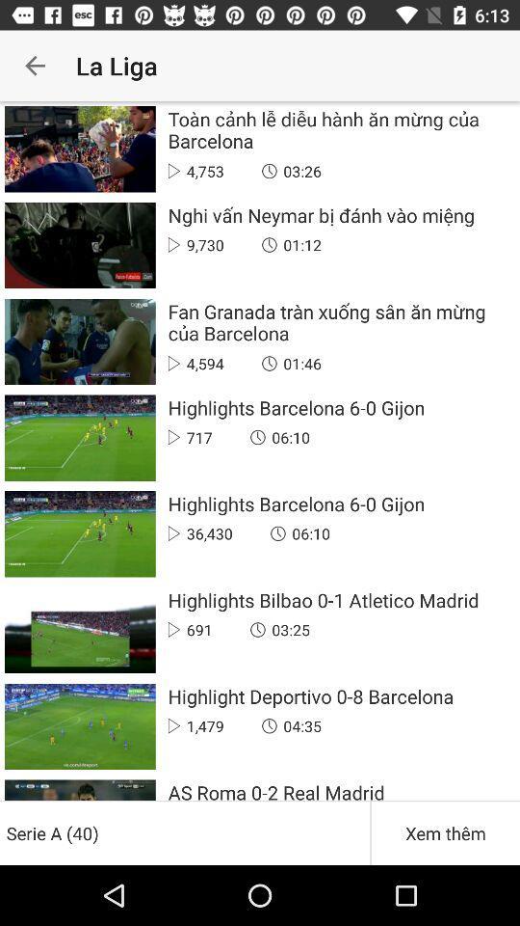 This screenshot has height=926, width=520. What do you see at coordinates (185, 832) in the screenshot?
I see `serie a (40) item` at bounding box center [185, 832].